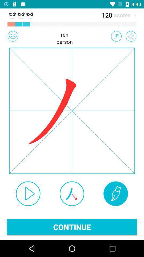  What do you see at coordinates (115, 193) in the screenshot?
I see `icon at the bottom right corner` at bounding box center [115, 193].